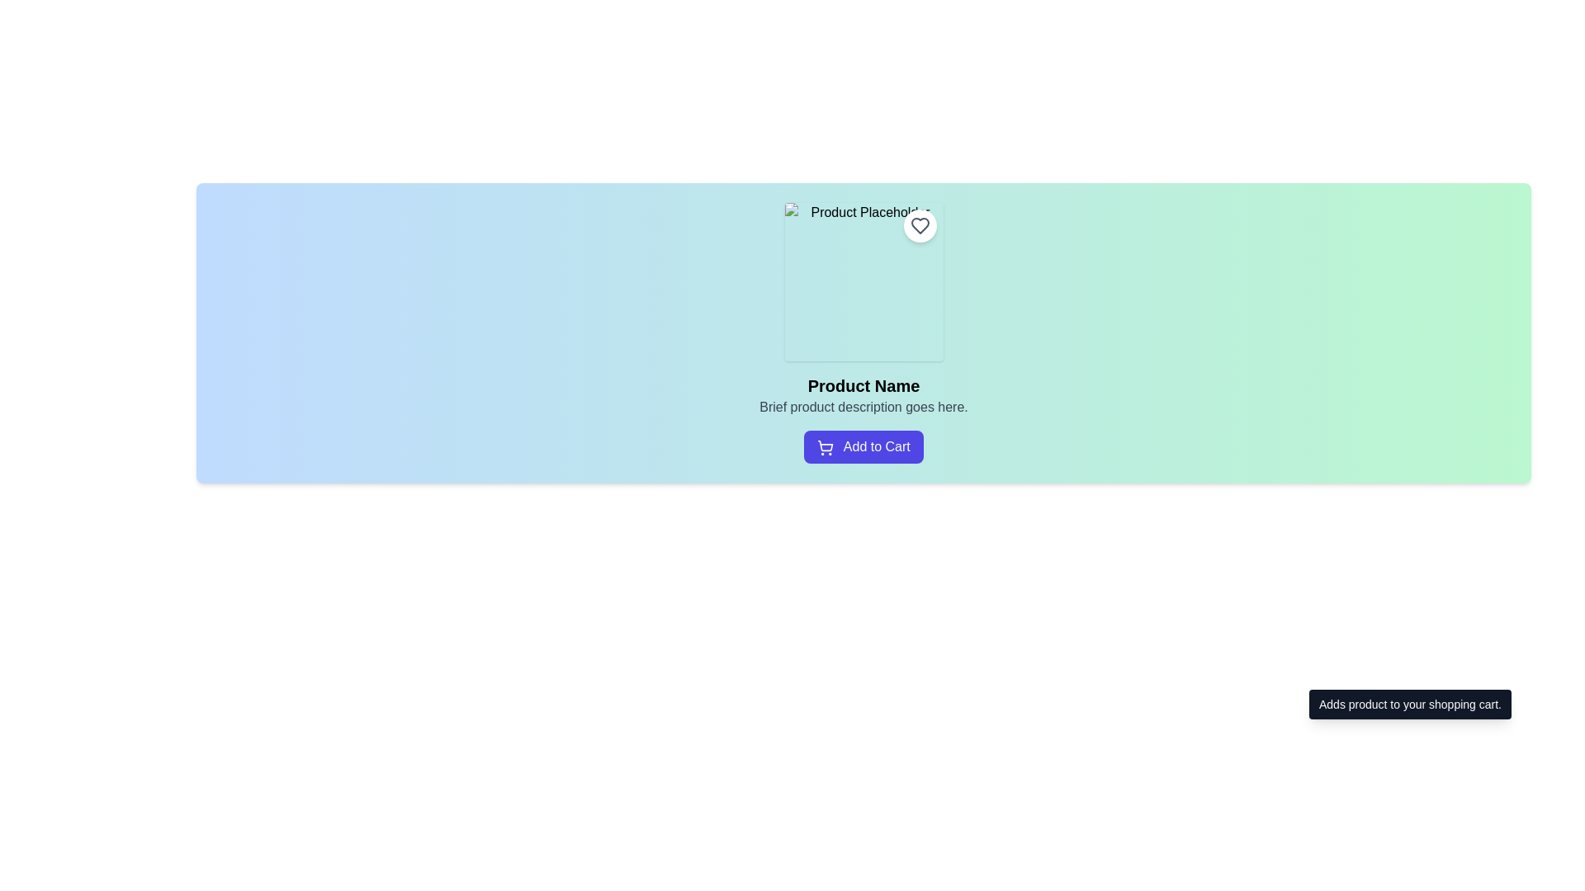  What do you see at coordinates (826, 447) in the screenshot?
I see `the shopping cart icon located at the left-most side of the 'Add to Cart' button, which is part of the product description module` at bounding box center [826, 447].